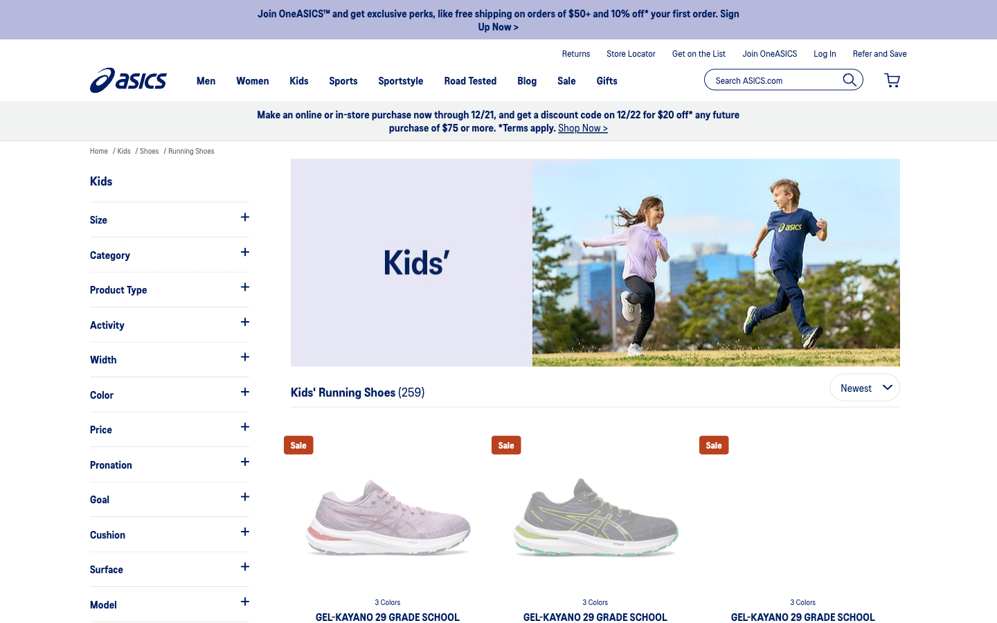 This screenshot has width=997, height=623. What do you see at coordinates (205, 80) in the screenshot?
I see `the men"s shoes section instead of the children"s section` at bounding box center [205, 80].